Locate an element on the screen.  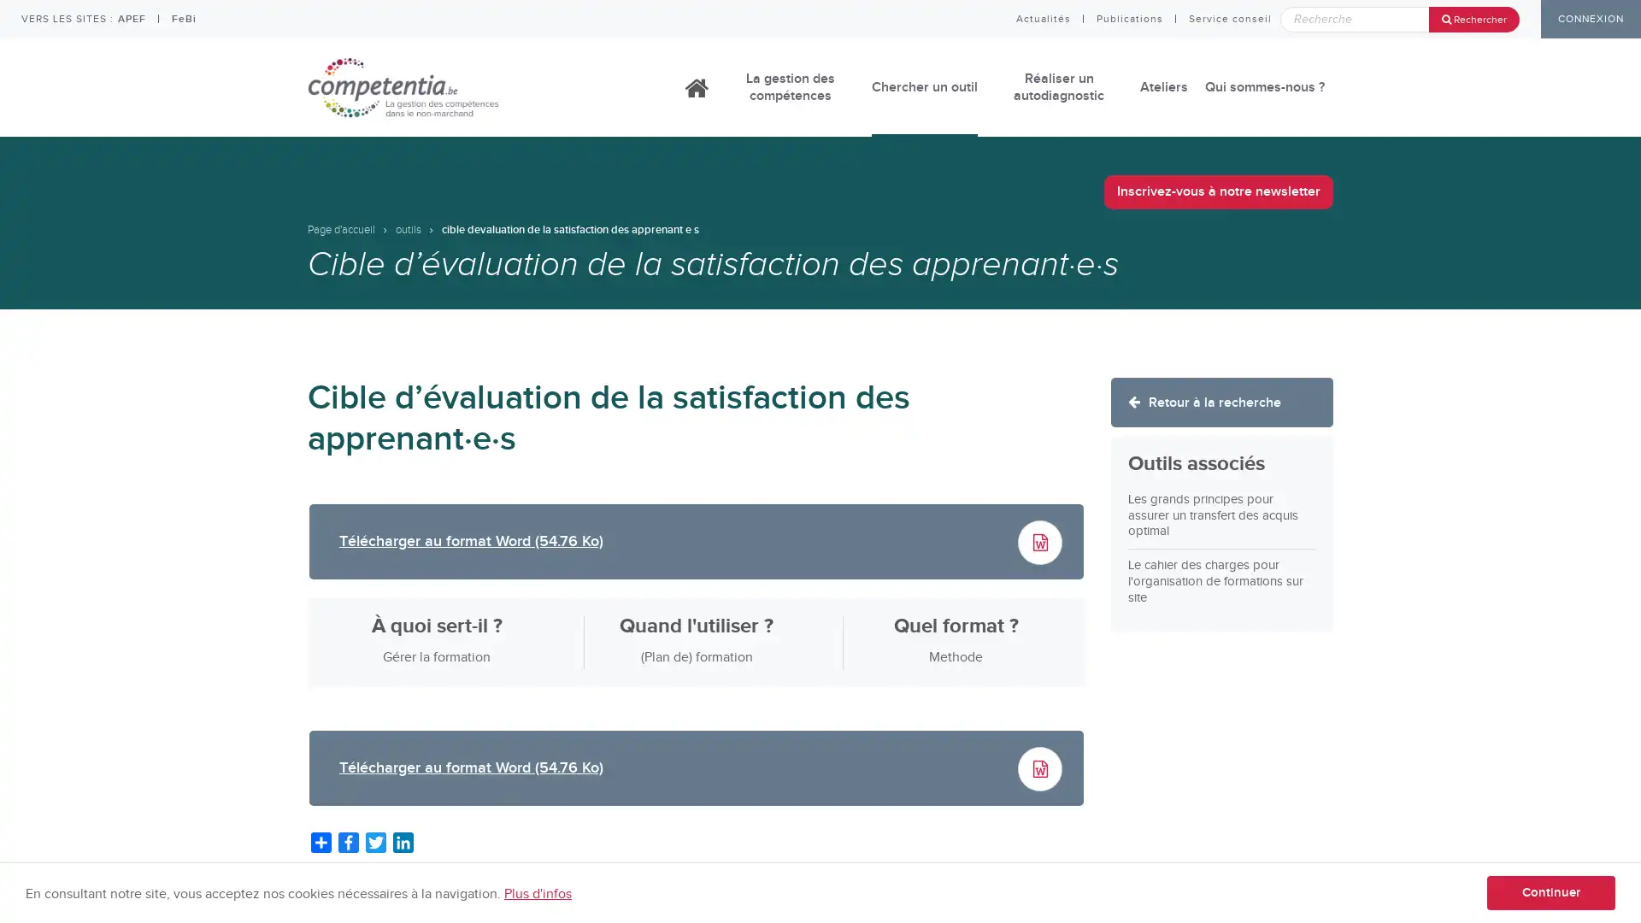
Rechercher is located at coordinates (1473, 19).